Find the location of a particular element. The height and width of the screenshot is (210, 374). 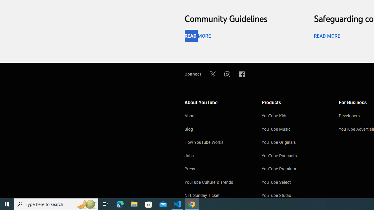

'YouTube Originals' is located at coordinates (294, 143).